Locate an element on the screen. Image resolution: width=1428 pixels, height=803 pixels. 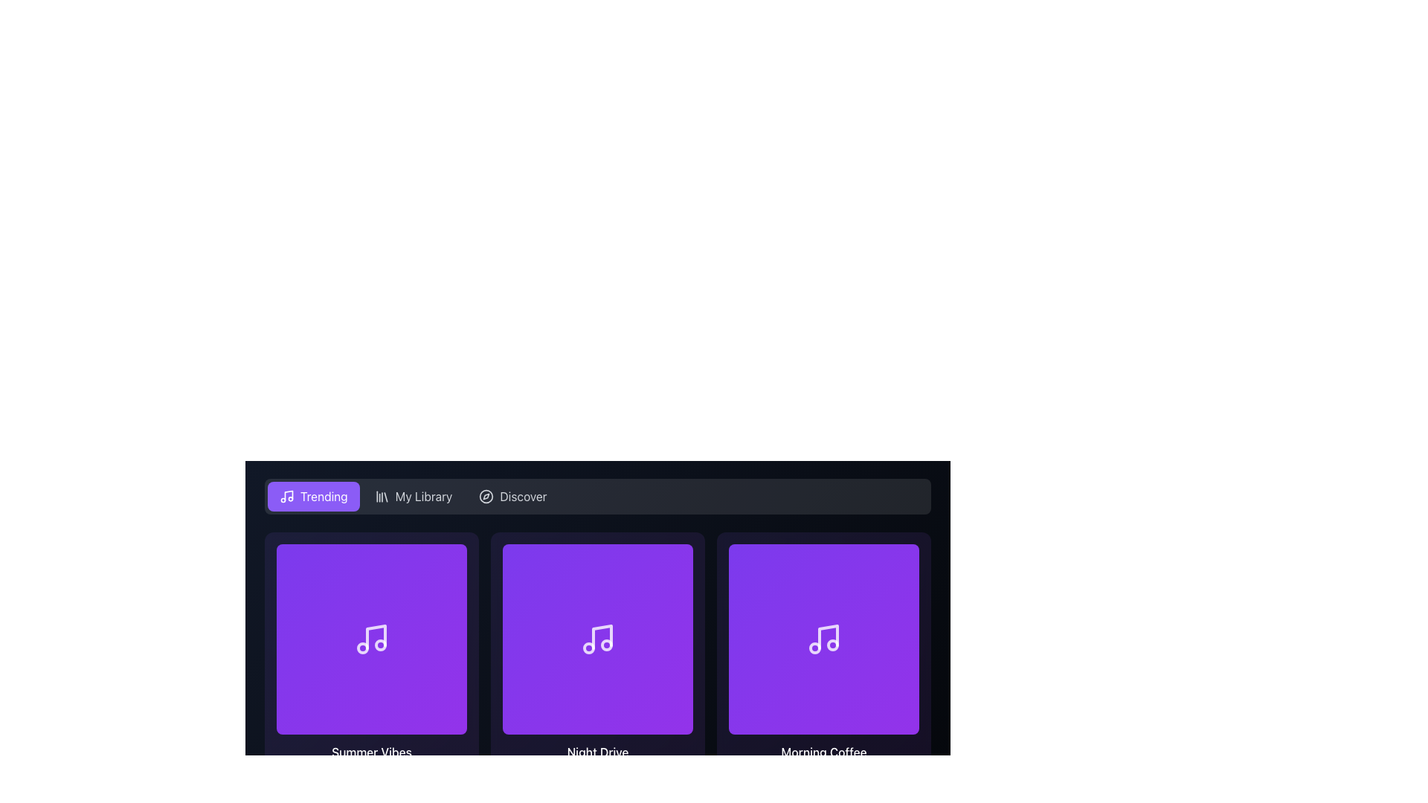
the 'Discover' text label located within the horizontal navigation bar is located at coordinates (523, 496).